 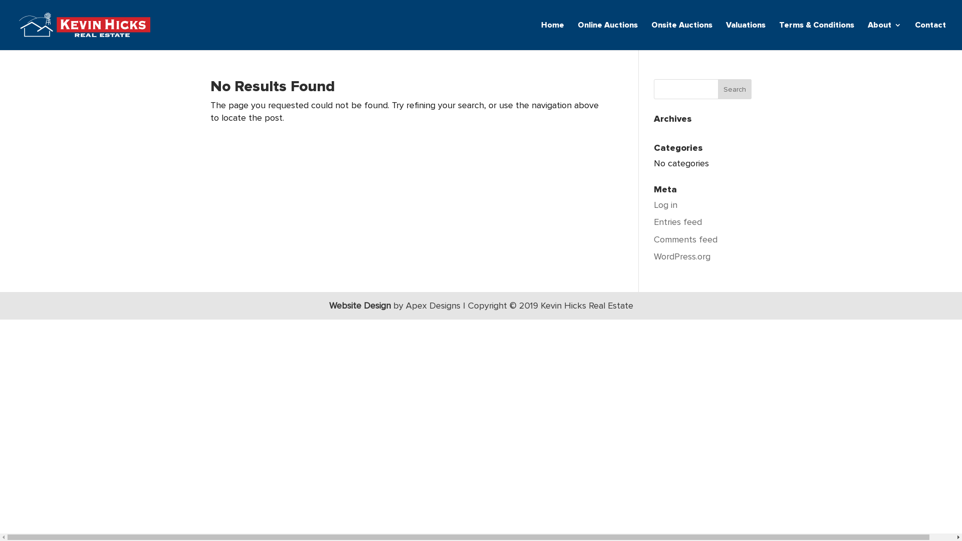 What do you see at coordinates (685, 239) in the screenshot?
I see `'Comments feed'` at bounding box center [685, 239].